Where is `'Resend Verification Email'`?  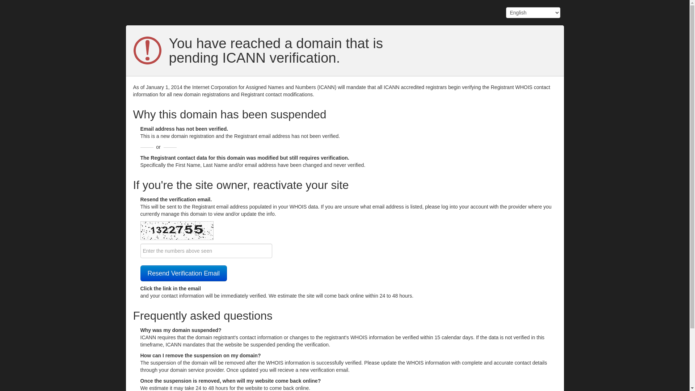 'Resend Verification Email' is located at coordinates (184, 273).